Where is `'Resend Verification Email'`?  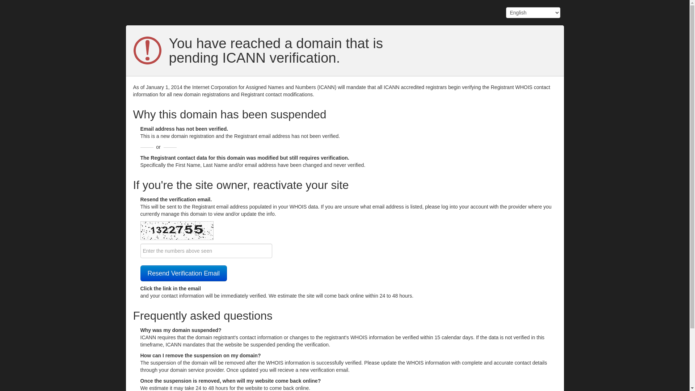 'Resend Verification Email' is located at coordinates (184, 273).